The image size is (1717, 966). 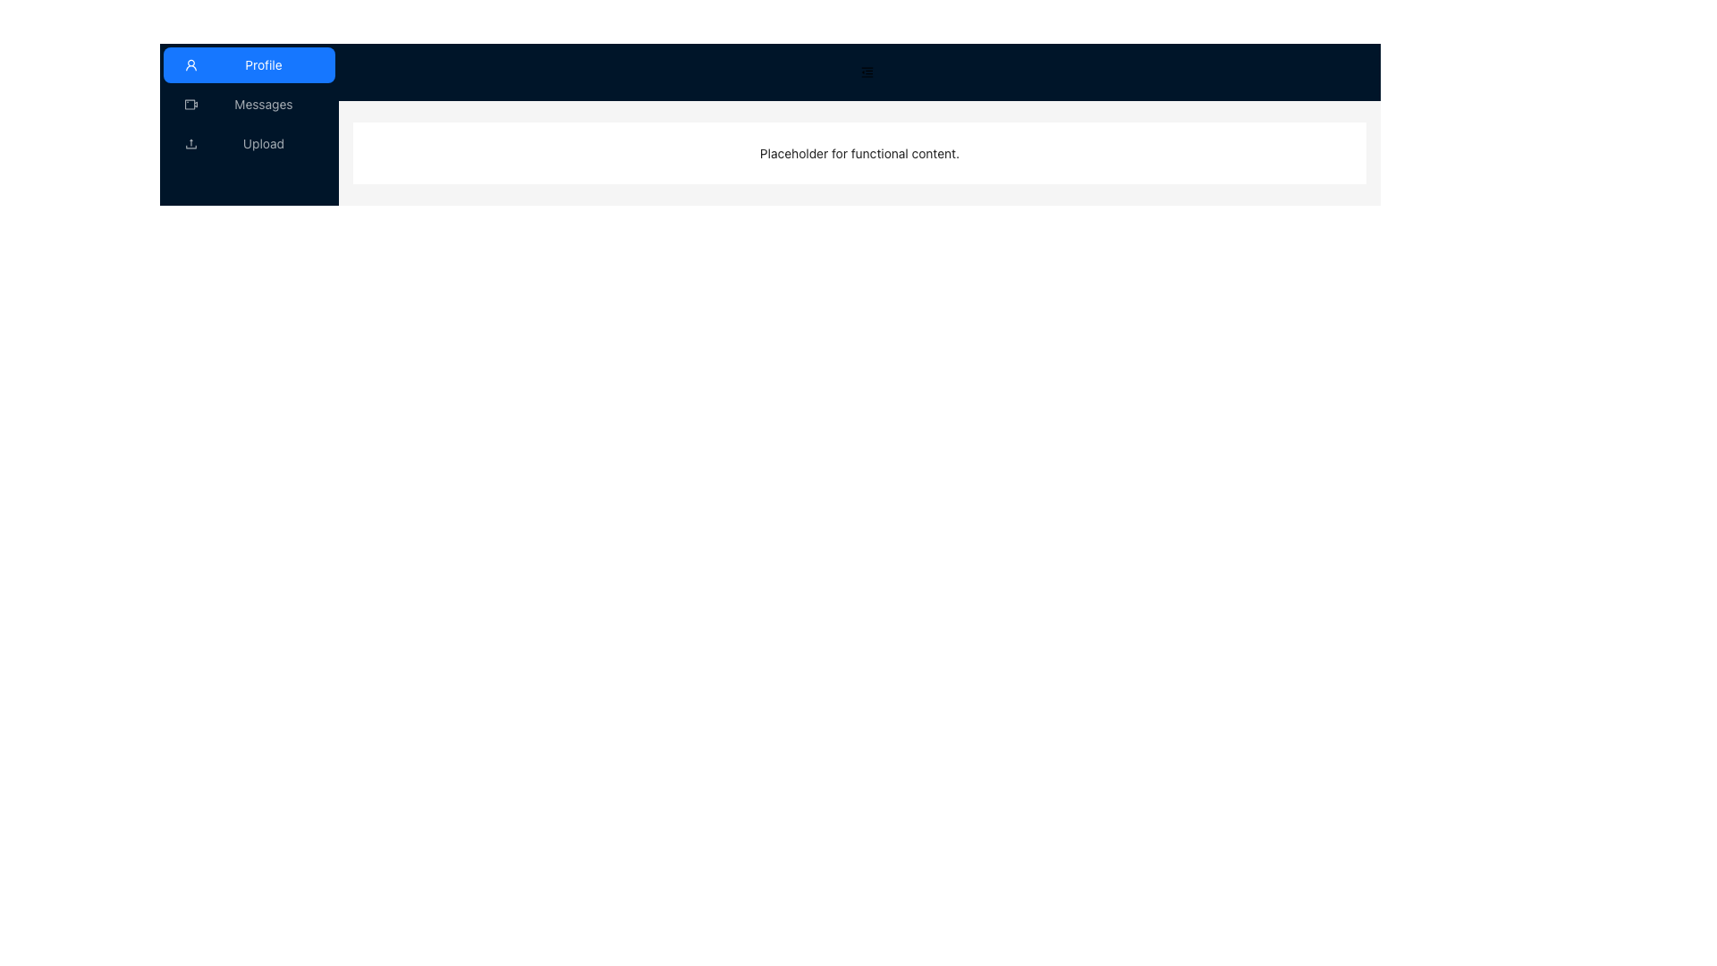 I want to click on the profile icon with a blue background located at the top of the sidebar menu, adjacent to the 'Profile' text, so click(x=191, y=64).